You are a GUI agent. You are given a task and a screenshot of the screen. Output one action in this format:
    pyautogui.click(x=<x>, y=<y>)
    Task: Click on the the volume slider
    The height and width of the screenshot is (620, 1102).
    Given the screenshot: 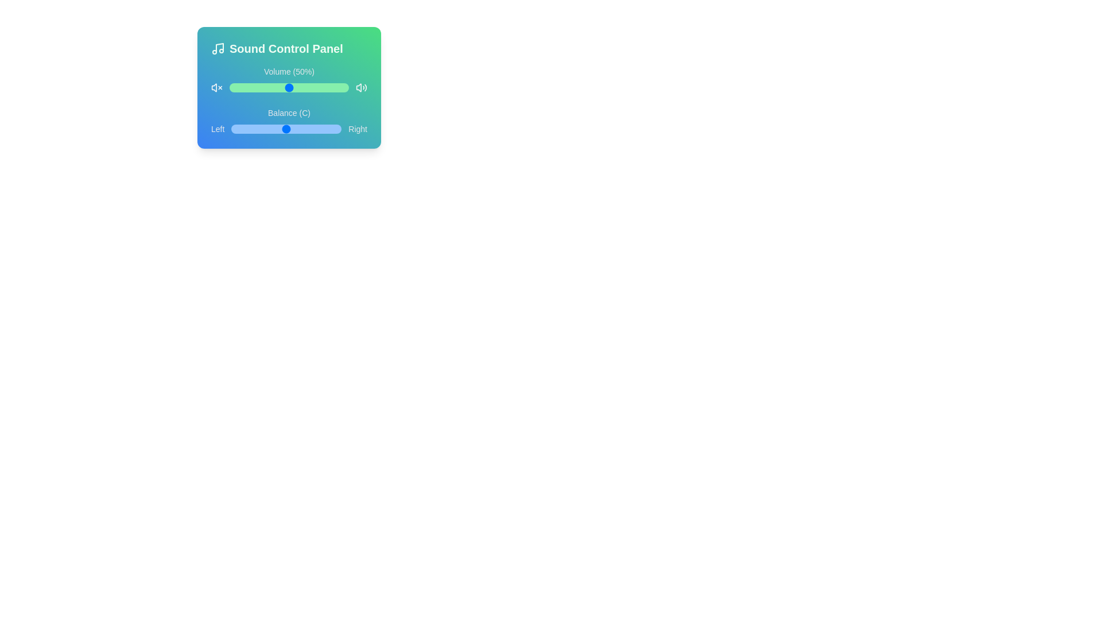 What is the action you would take?
    pyautogui.click(x=324, y=87)
    